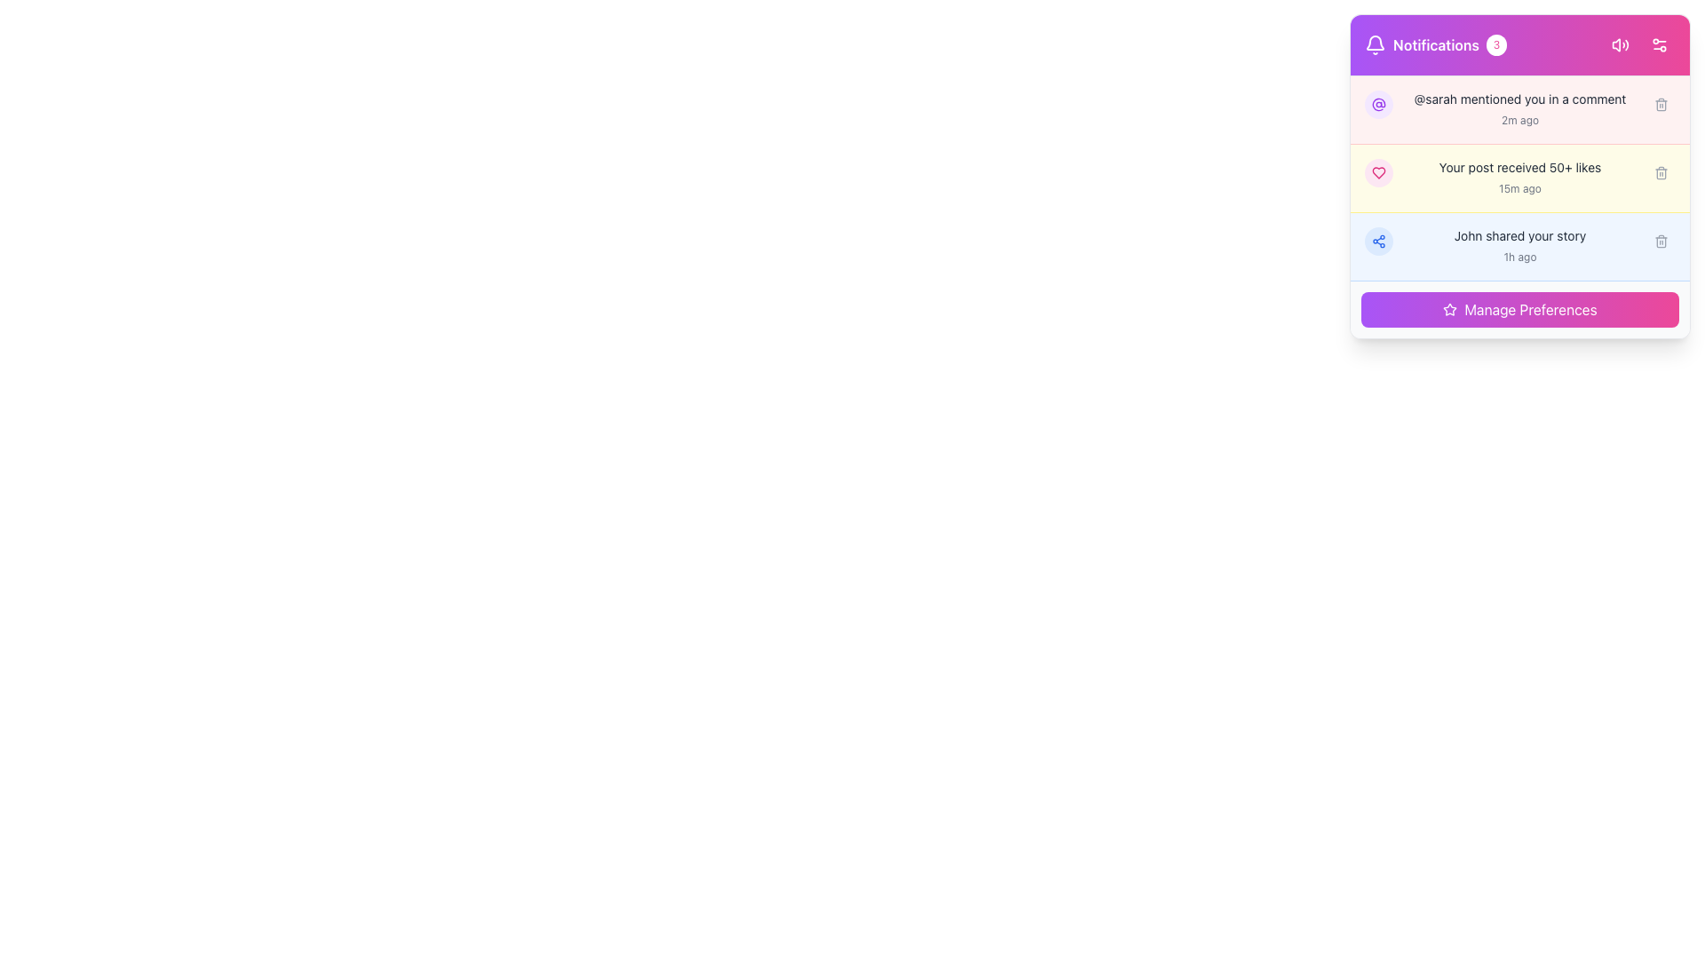 This screenshot has height=959, width=1705. What do you see at coordinates (1375, 42) in the screenshot?
I see `the lower portion of the purple bell-shaped icon located in the upper-left corner of the notification panel` at bounding box center [1375, 42].